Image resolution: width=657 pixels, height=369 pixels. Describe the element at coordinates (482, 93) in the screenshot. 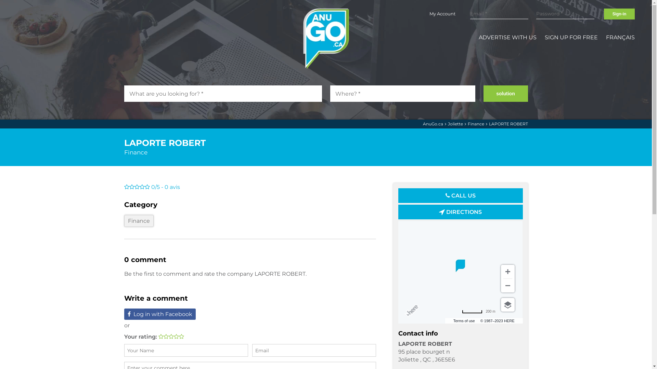

I see `'solution'` at that location.